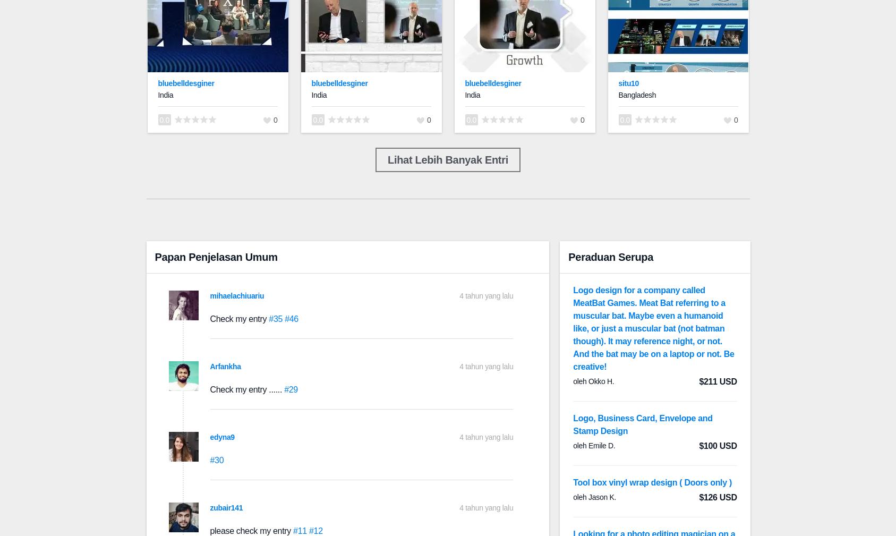 The height and width of the screenshot is (536, 896). Describe the element at coordinates (594, 445) in the screenshot. I see `'oleh Emile D.'` at that location.